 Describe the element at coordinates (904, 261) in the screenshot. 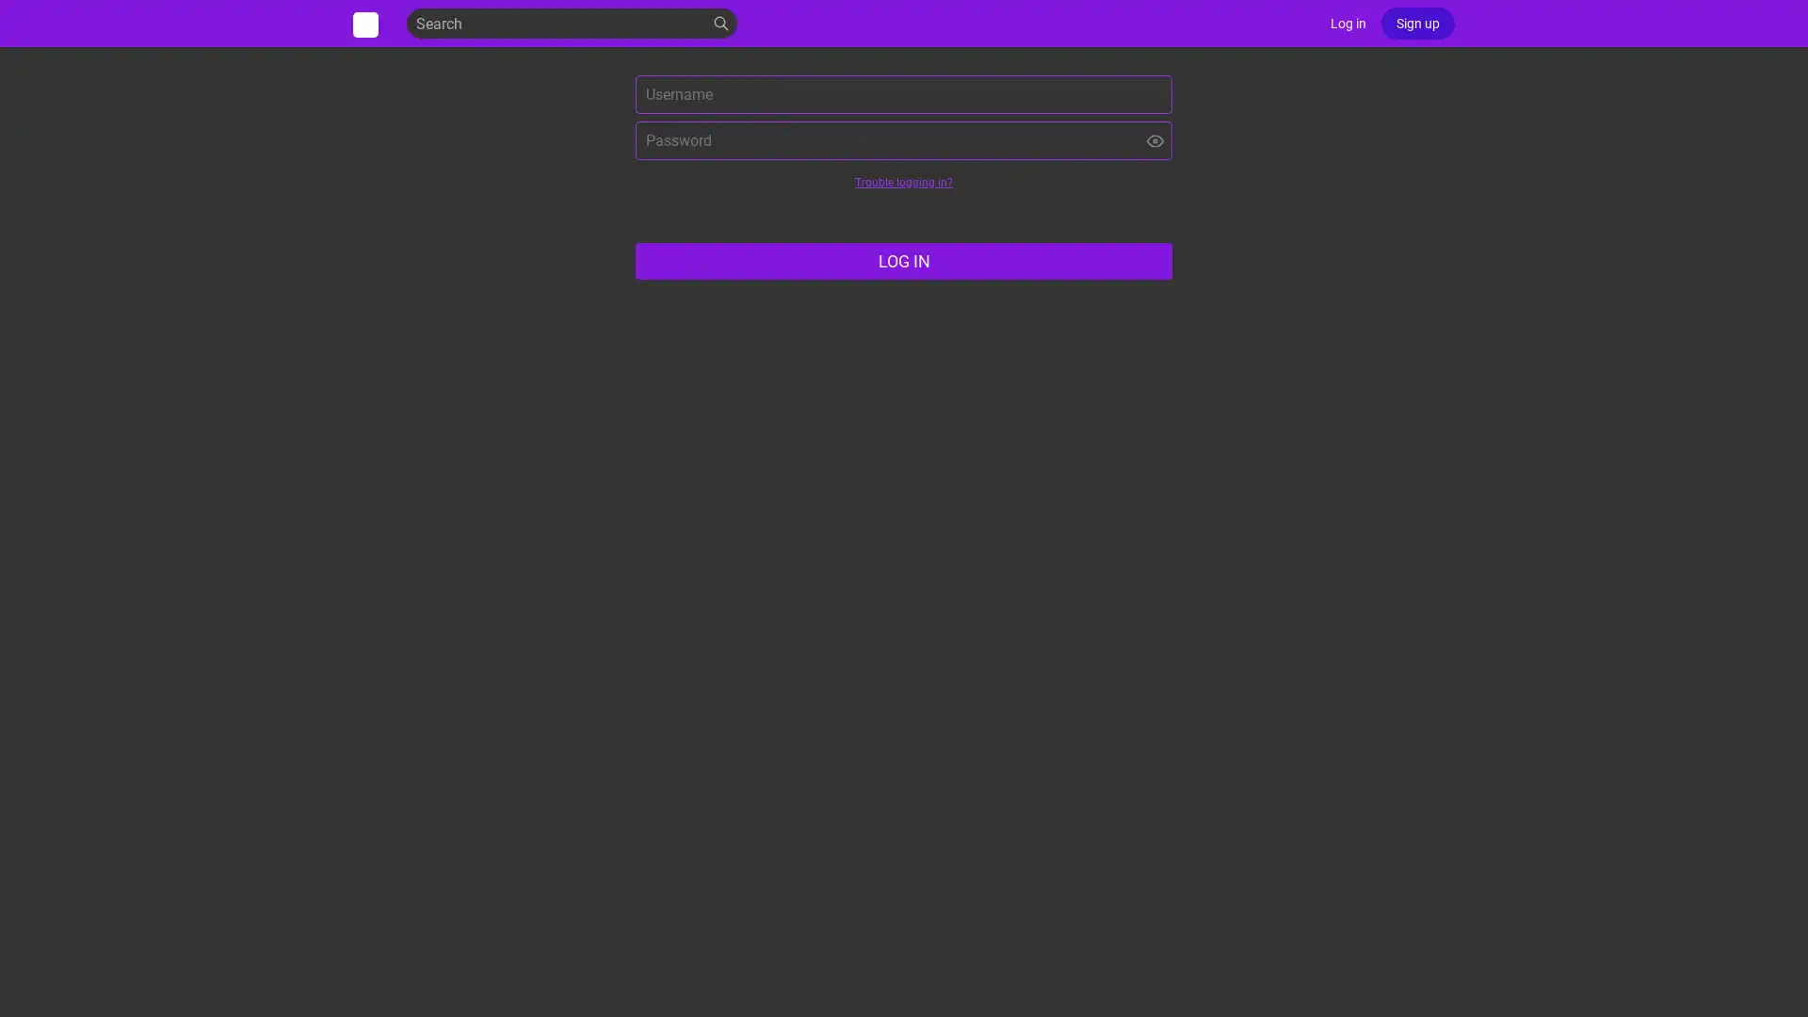

I see `LOG IN` at that location.